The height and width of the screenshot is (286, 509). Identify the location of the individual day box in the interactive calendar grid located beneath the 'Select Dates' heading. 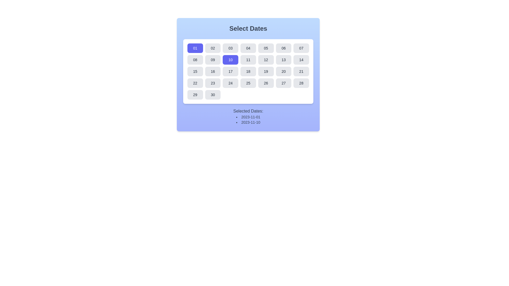
(248, 71).